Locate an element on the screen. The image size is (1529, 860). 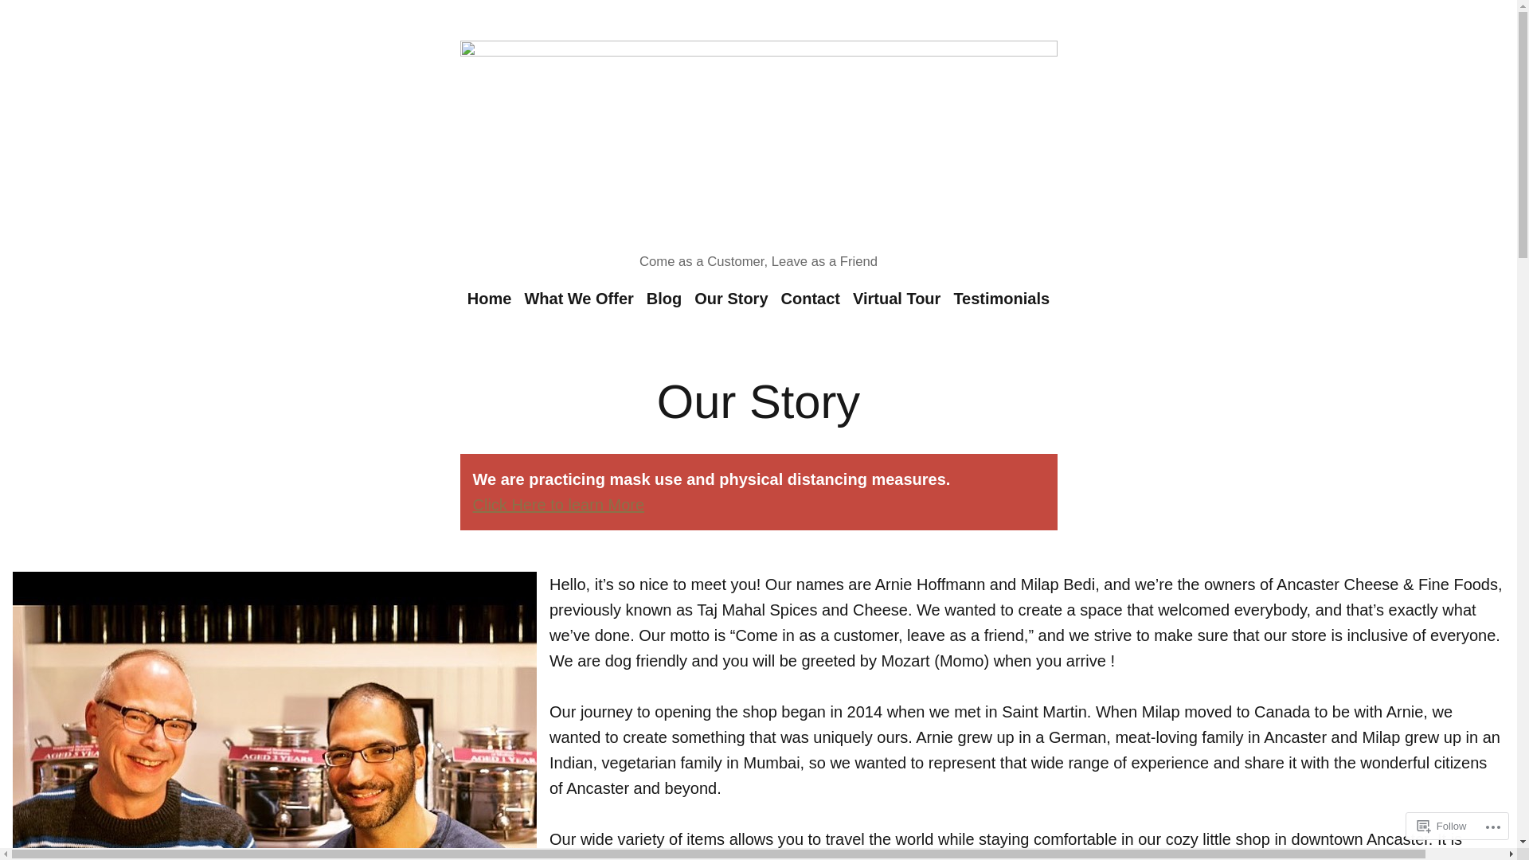
'What We Offer' is located at coordinates (577, 298).